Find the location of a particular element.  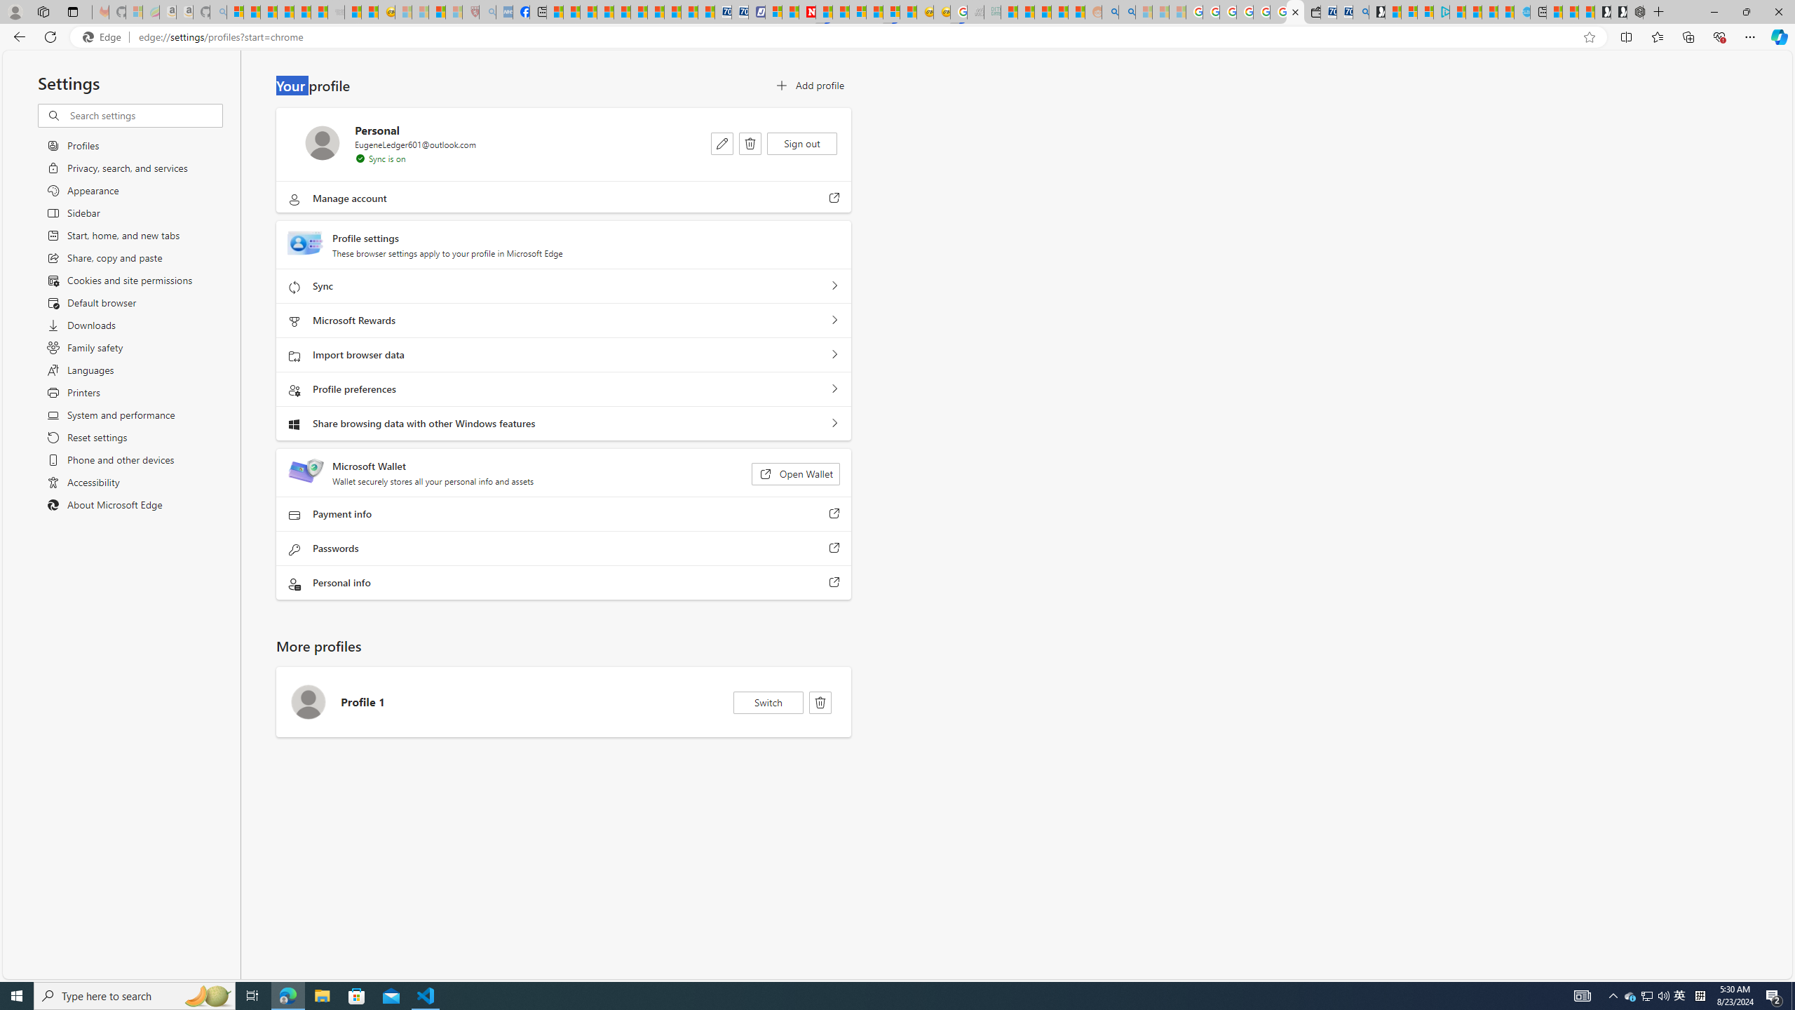

'World - MSN' is located at coordinates (588, 11).